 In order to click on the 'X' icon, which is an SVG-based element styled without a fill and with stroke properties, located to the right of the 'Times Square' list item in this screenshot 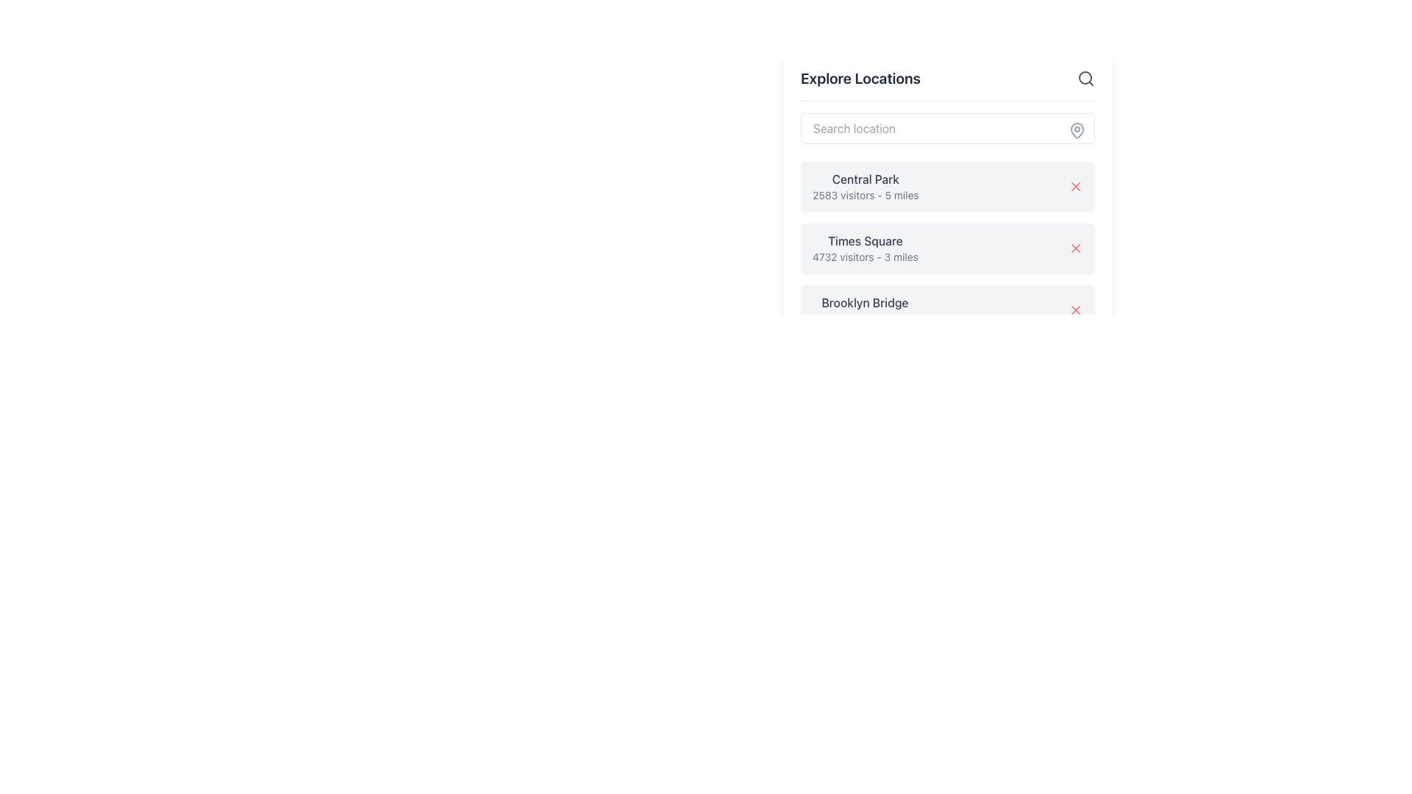, I will do `click(1076, 248)`.